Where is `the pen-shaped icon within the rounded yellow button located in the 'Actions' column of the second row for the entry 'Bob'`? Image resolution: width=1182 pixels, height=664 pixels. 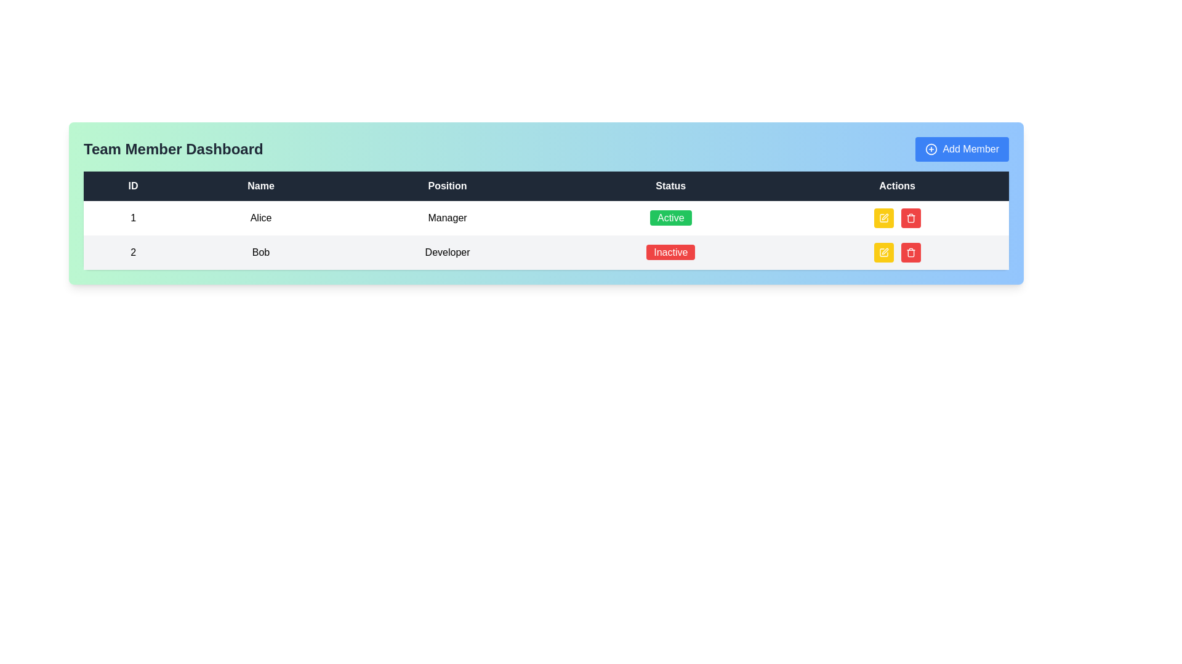 the pen-shaped icon within the rounded yellow button located in the 'Actions' column of the second row for the entry 'Bob' is located at coordinates (883, 217).